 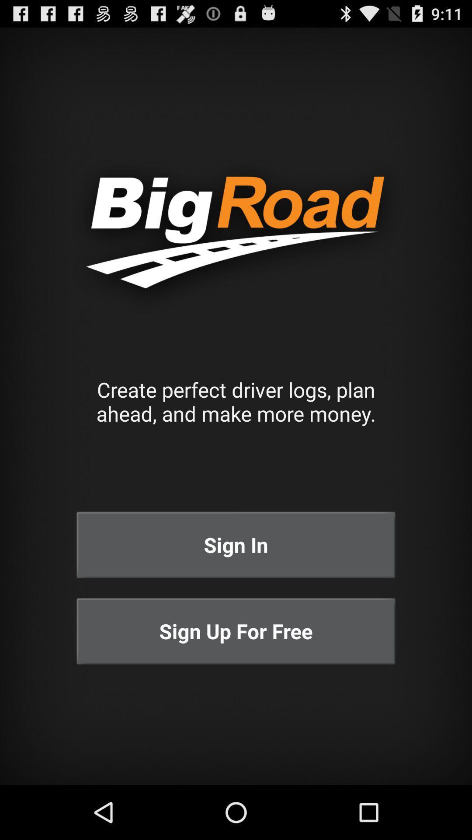 What do you see at coordinates (236, 544) in the screenshot?
I see `app below the create perfect driver icon` at bounding box center [236, 544].